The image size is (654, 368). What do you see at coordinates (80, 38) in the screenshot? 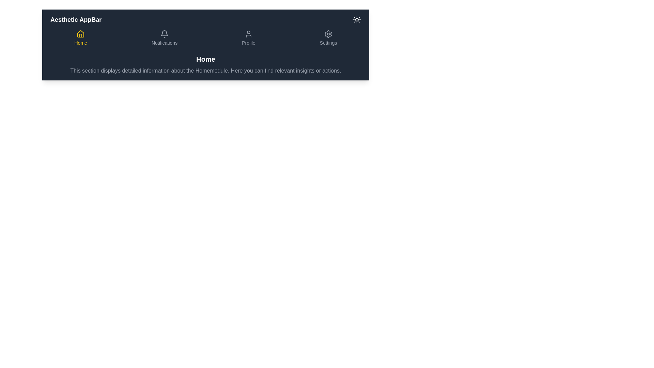
I see `the tab labeled Home to view its detailed information` at bounding box center [80, 38].